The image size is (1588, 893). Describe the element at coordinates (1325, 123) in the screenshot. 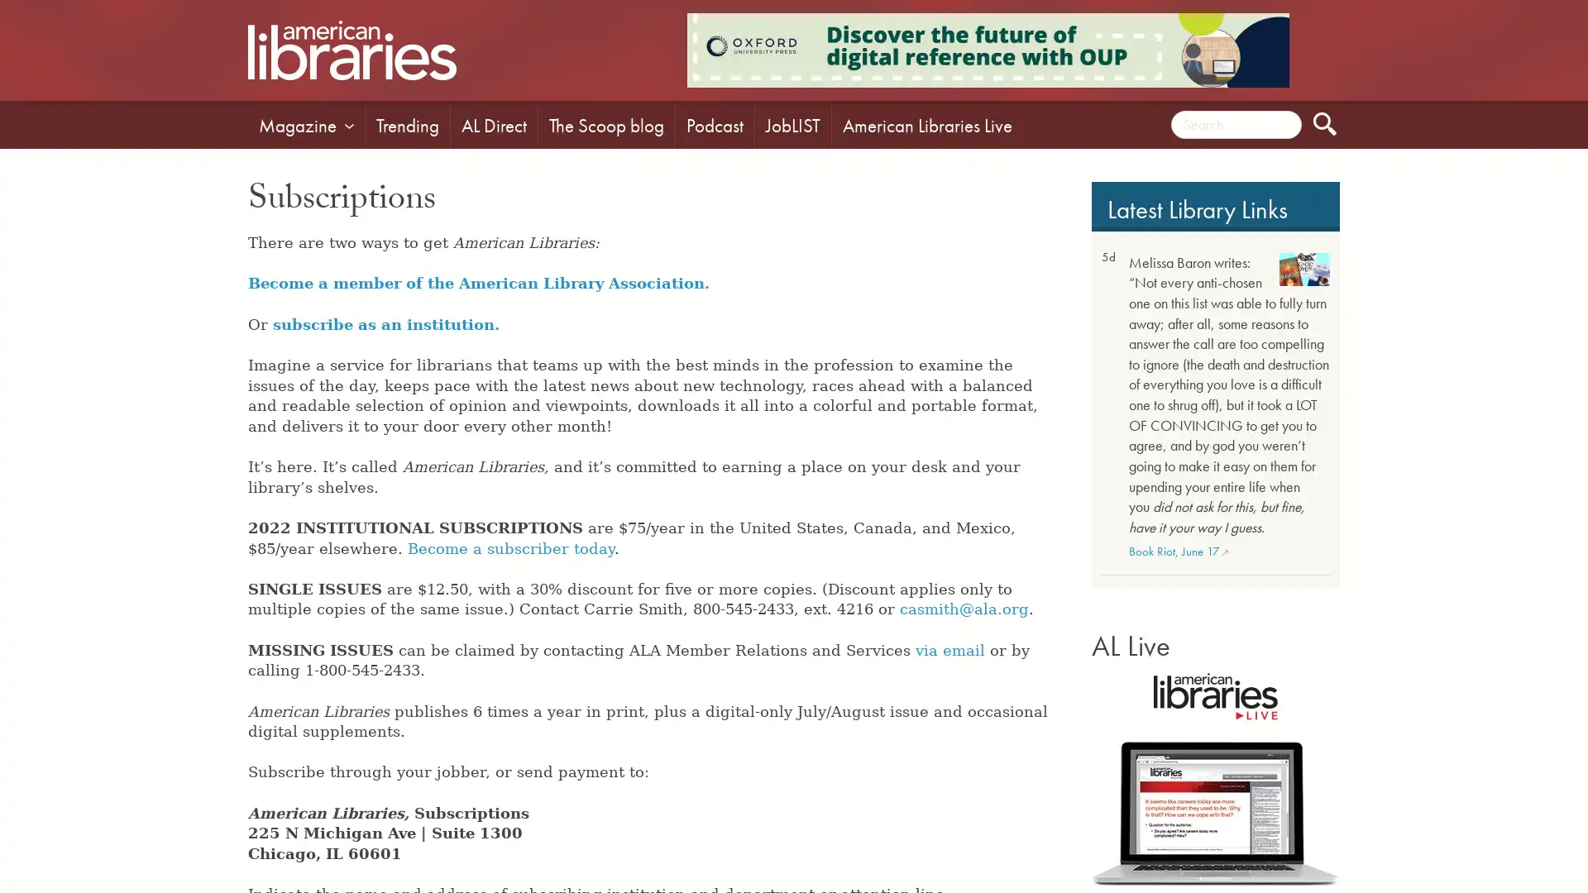

I see `Search` at that location.